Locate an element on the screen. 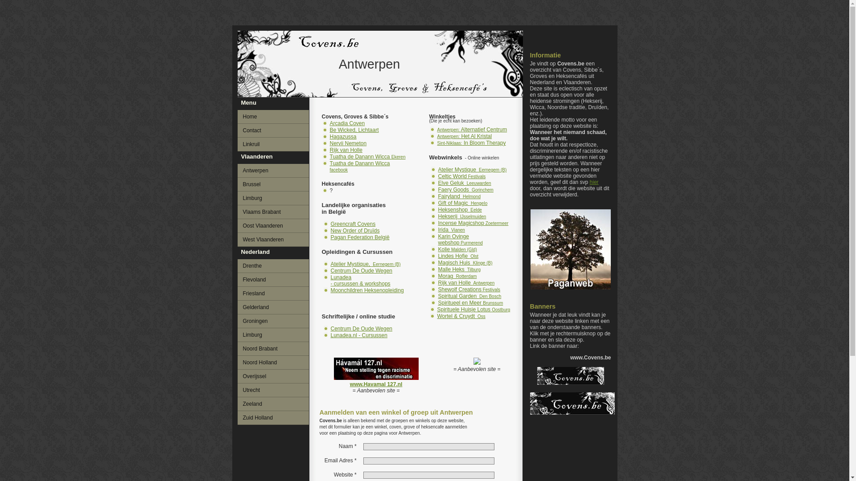  'Lunadea - cursussen & workshops' is located at coordinates (330, 280).